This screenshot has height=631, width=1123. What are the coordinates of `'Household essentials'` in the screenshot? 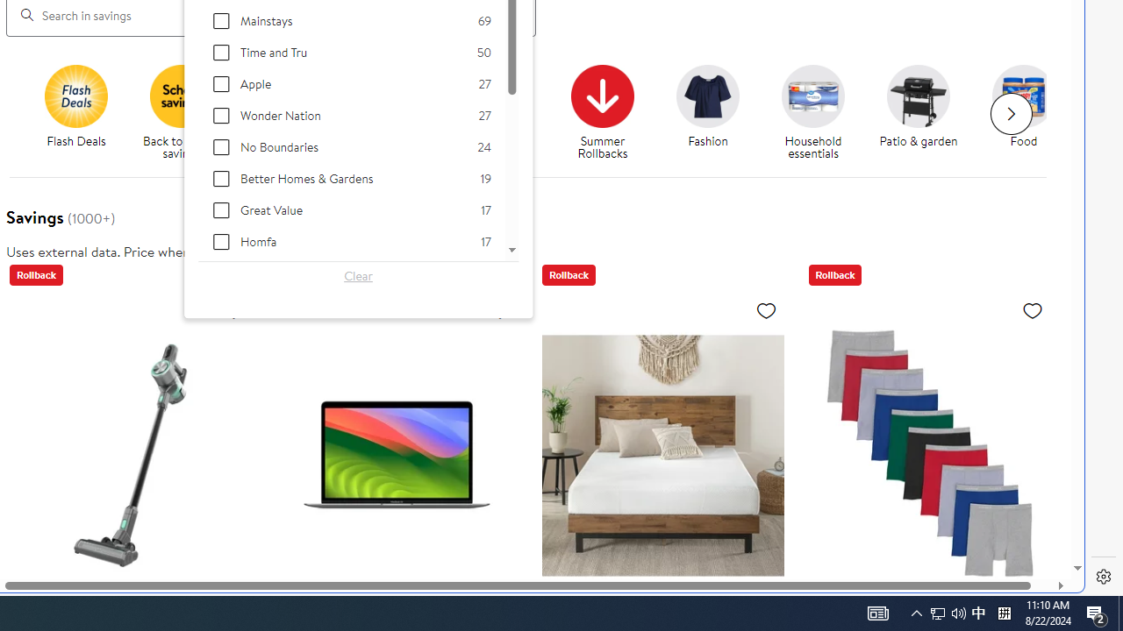 It's located at (819, 113).